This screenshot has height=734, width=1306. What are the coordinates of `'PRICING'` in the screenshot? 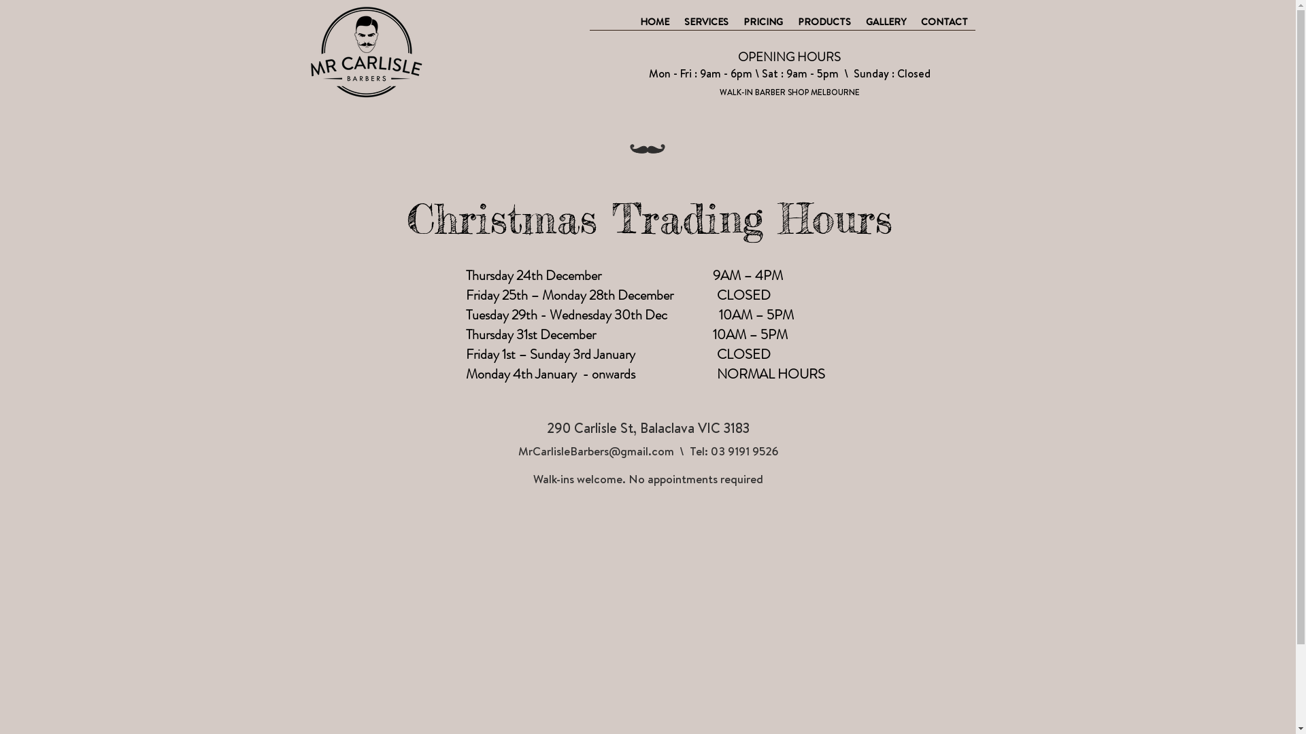 It's located at (763, 26).